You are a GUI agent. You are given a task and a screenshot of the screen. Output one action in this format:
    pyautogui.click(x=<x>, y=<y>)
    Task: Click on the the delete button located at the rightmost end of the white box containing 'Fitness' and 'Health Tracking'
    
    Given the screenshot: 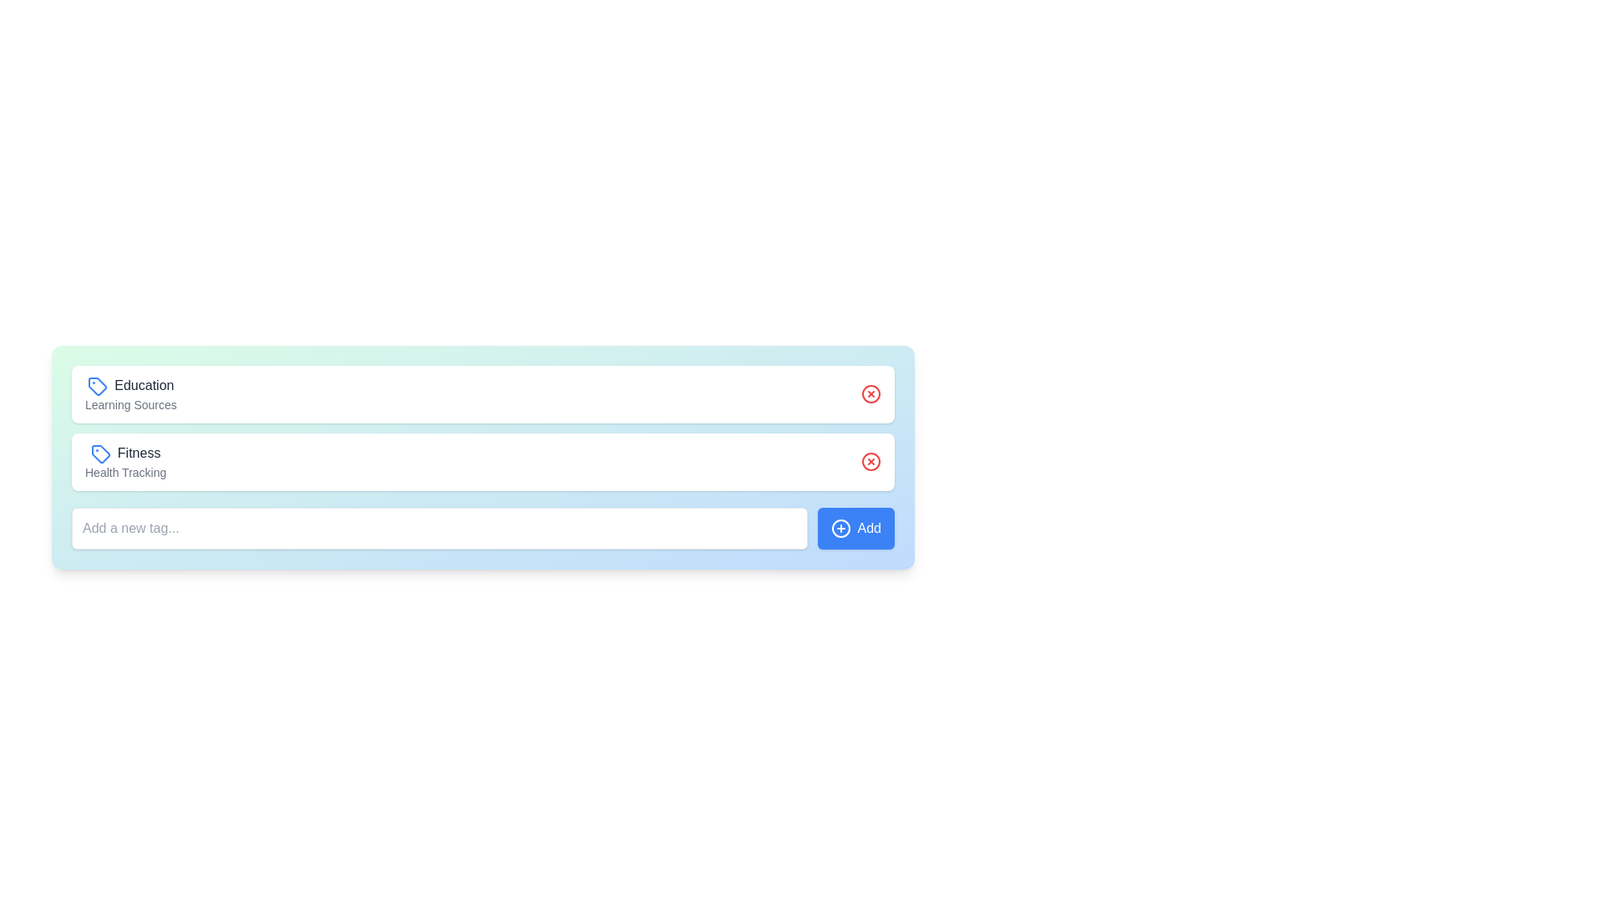 What is the action you would take?
    pyautogui.click(x=870, y=461)
    